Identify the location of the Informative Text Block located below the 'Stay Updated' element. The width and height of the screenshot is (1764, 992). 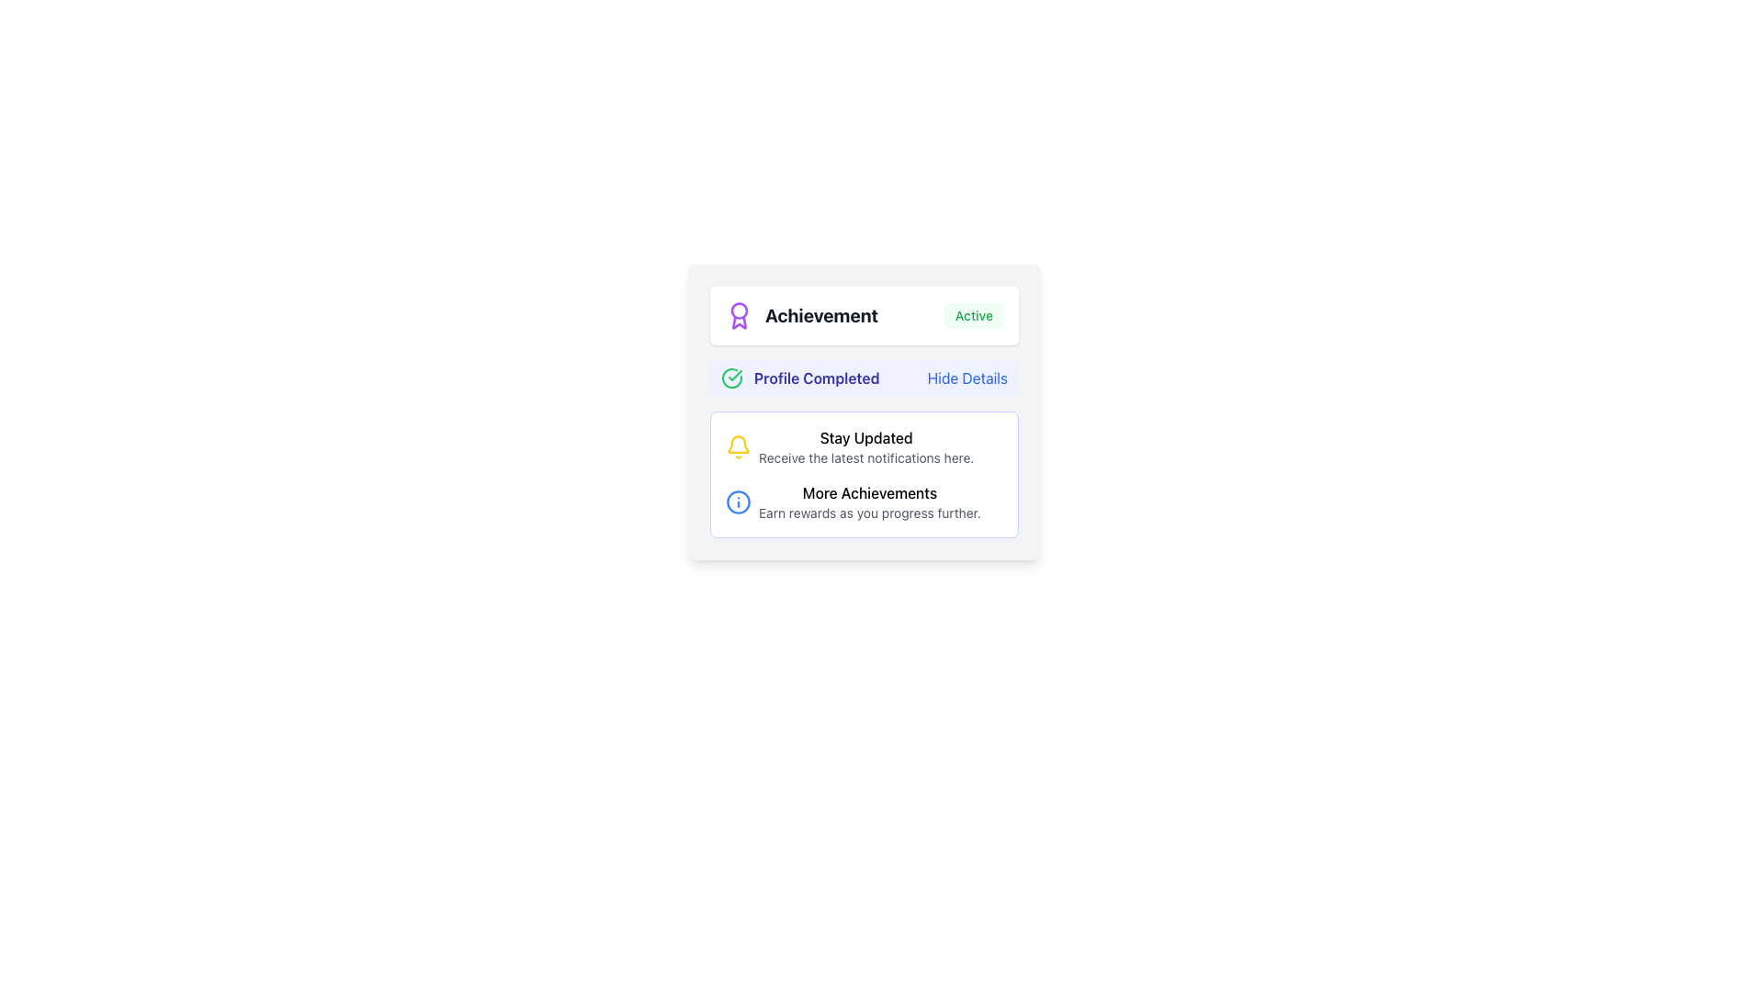
(863, 502).